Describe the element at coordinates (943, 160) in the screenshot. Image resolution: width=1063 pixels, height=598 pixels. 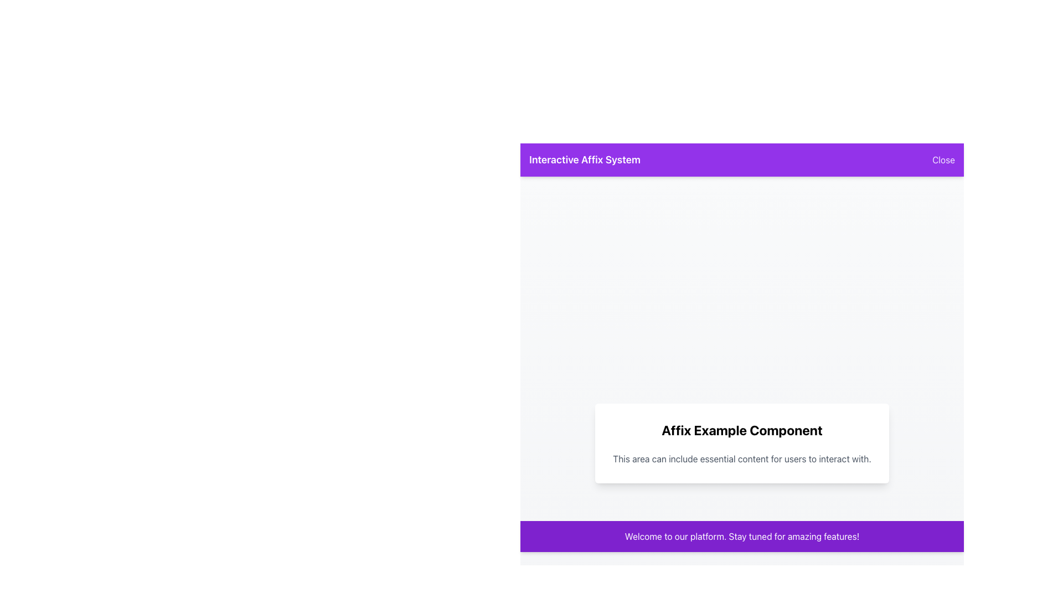
I see `the 'Close' button located in the upper-right section of the purple header bar` at that location.